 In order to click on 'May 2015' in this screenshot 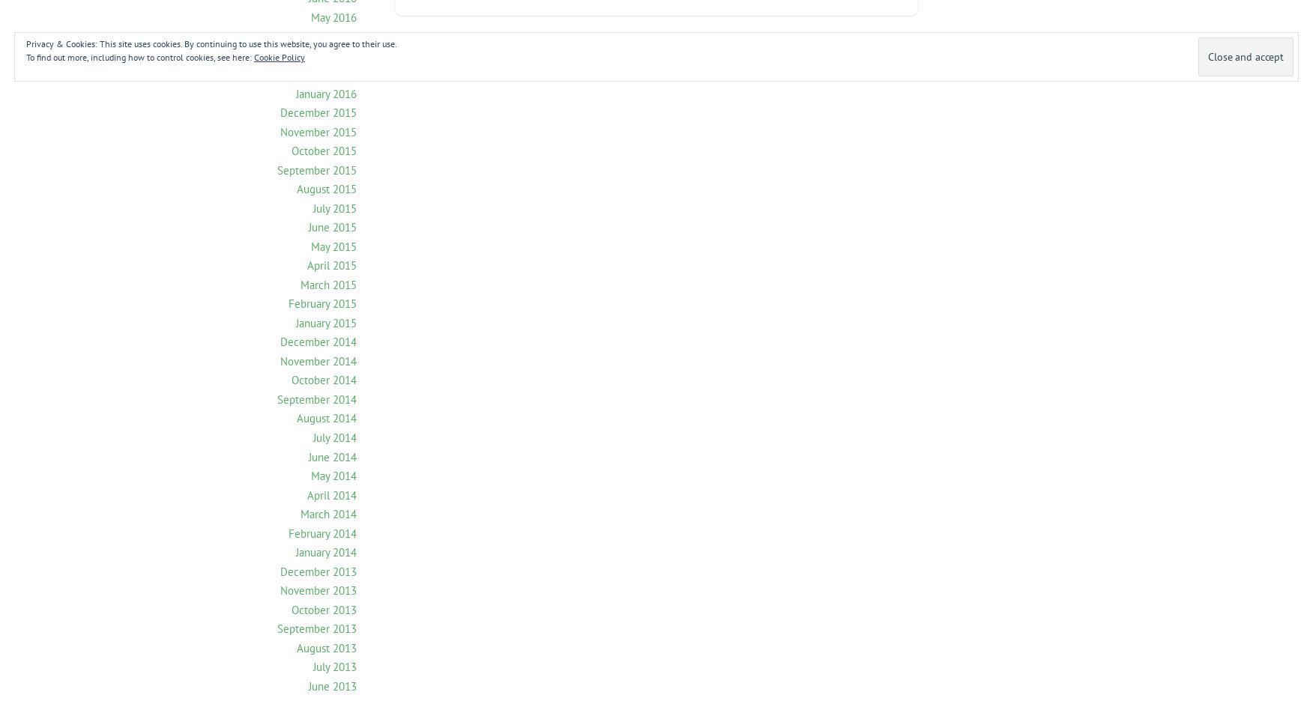, I will do `click(333, 245)`.